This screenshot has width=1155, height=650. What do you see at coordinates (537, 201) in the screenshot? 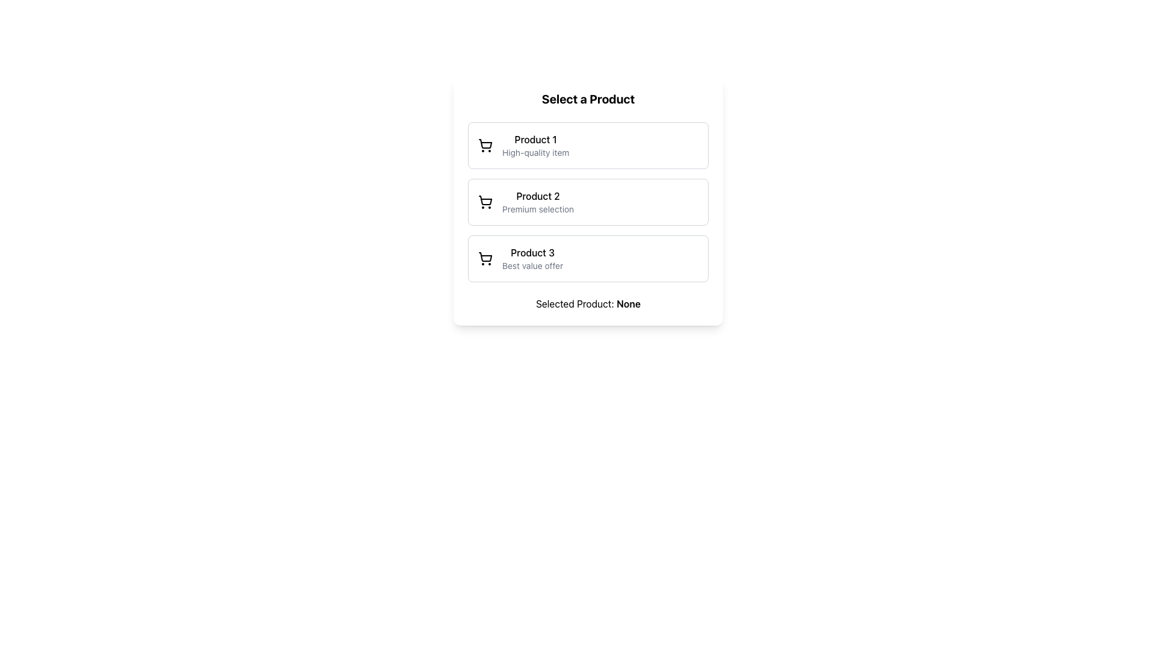
I see `the label component that displays 'Product 2' in bold as the title and 'Premium selection' as the subtitle, located in the second card of a list of three cards` at bounding box center [537, 201].